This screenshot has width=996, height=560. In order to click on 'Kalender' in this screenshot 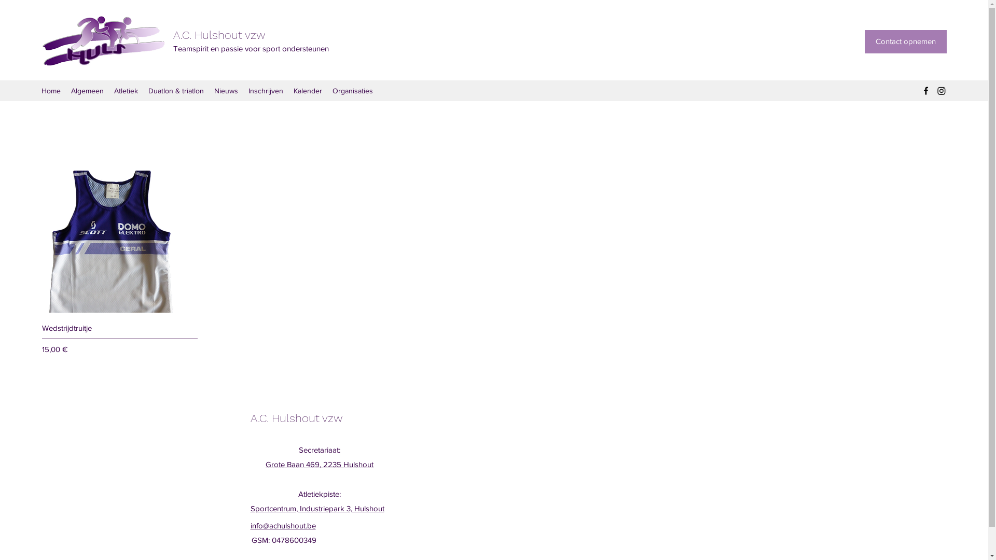, I will do `click(307, 90)`.